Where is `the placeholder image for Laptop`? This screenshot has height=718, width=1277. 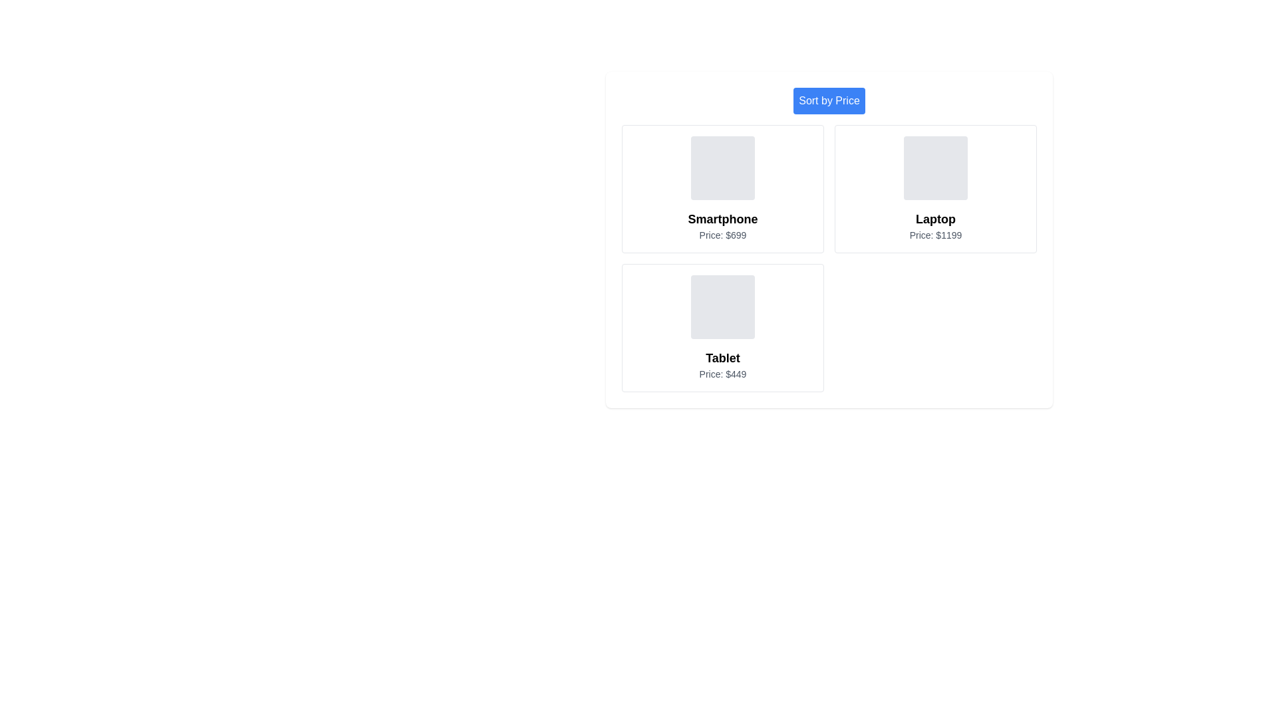
the placeholder image for Laptop is located at coordinates (934, 168).